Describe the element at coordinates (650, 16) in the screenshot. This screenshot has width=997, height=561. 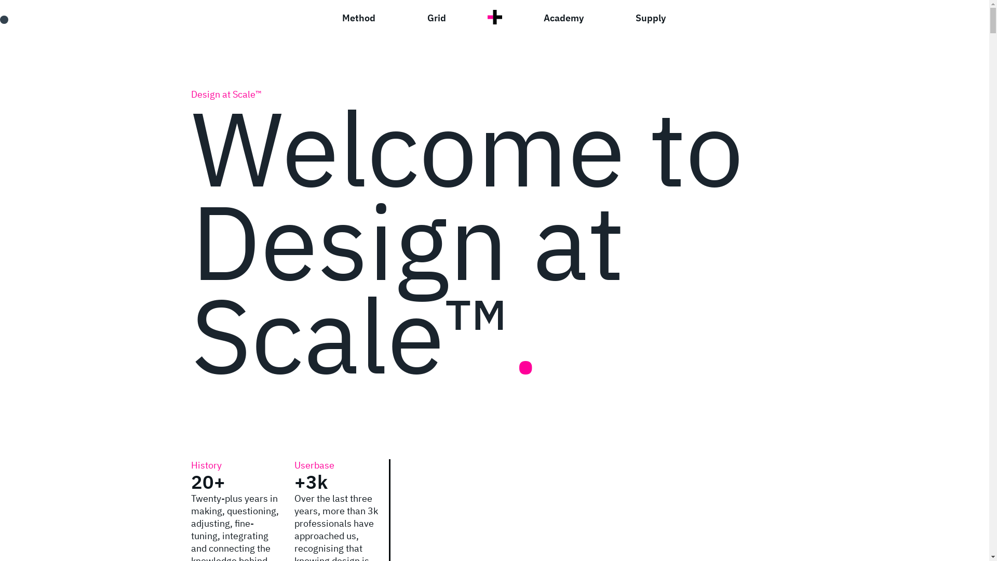
I see `'Supply'` at that location.